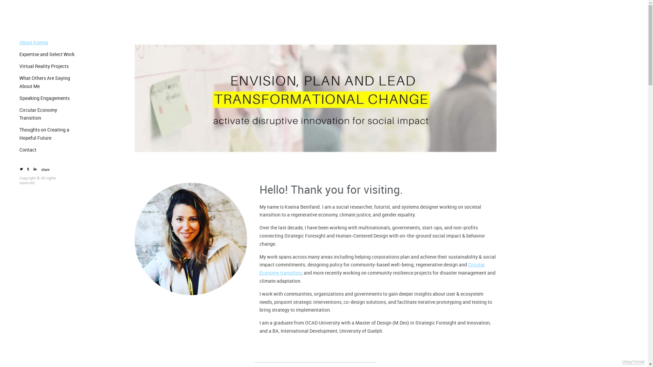 This screenshot has width=653, height=367. What do you see at coordinates (49, 114) in the screenshot?
I see `'Circular Economy Transition'` at bounding box center [49, 114].